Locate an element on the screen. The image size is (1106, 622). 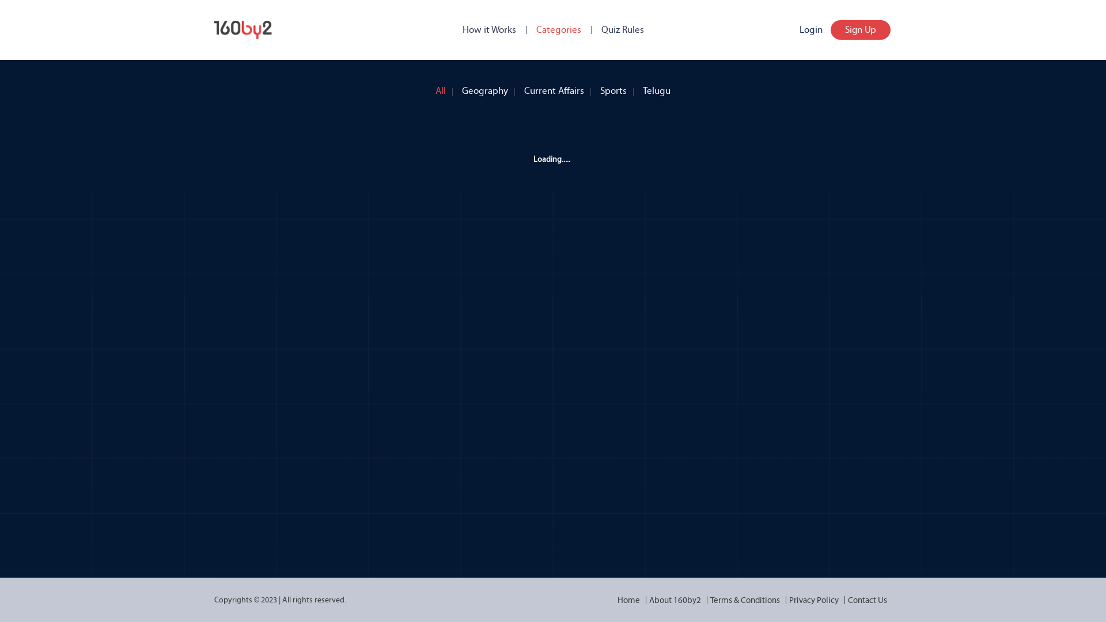
'Geography' is located at coordinates (484, 88).